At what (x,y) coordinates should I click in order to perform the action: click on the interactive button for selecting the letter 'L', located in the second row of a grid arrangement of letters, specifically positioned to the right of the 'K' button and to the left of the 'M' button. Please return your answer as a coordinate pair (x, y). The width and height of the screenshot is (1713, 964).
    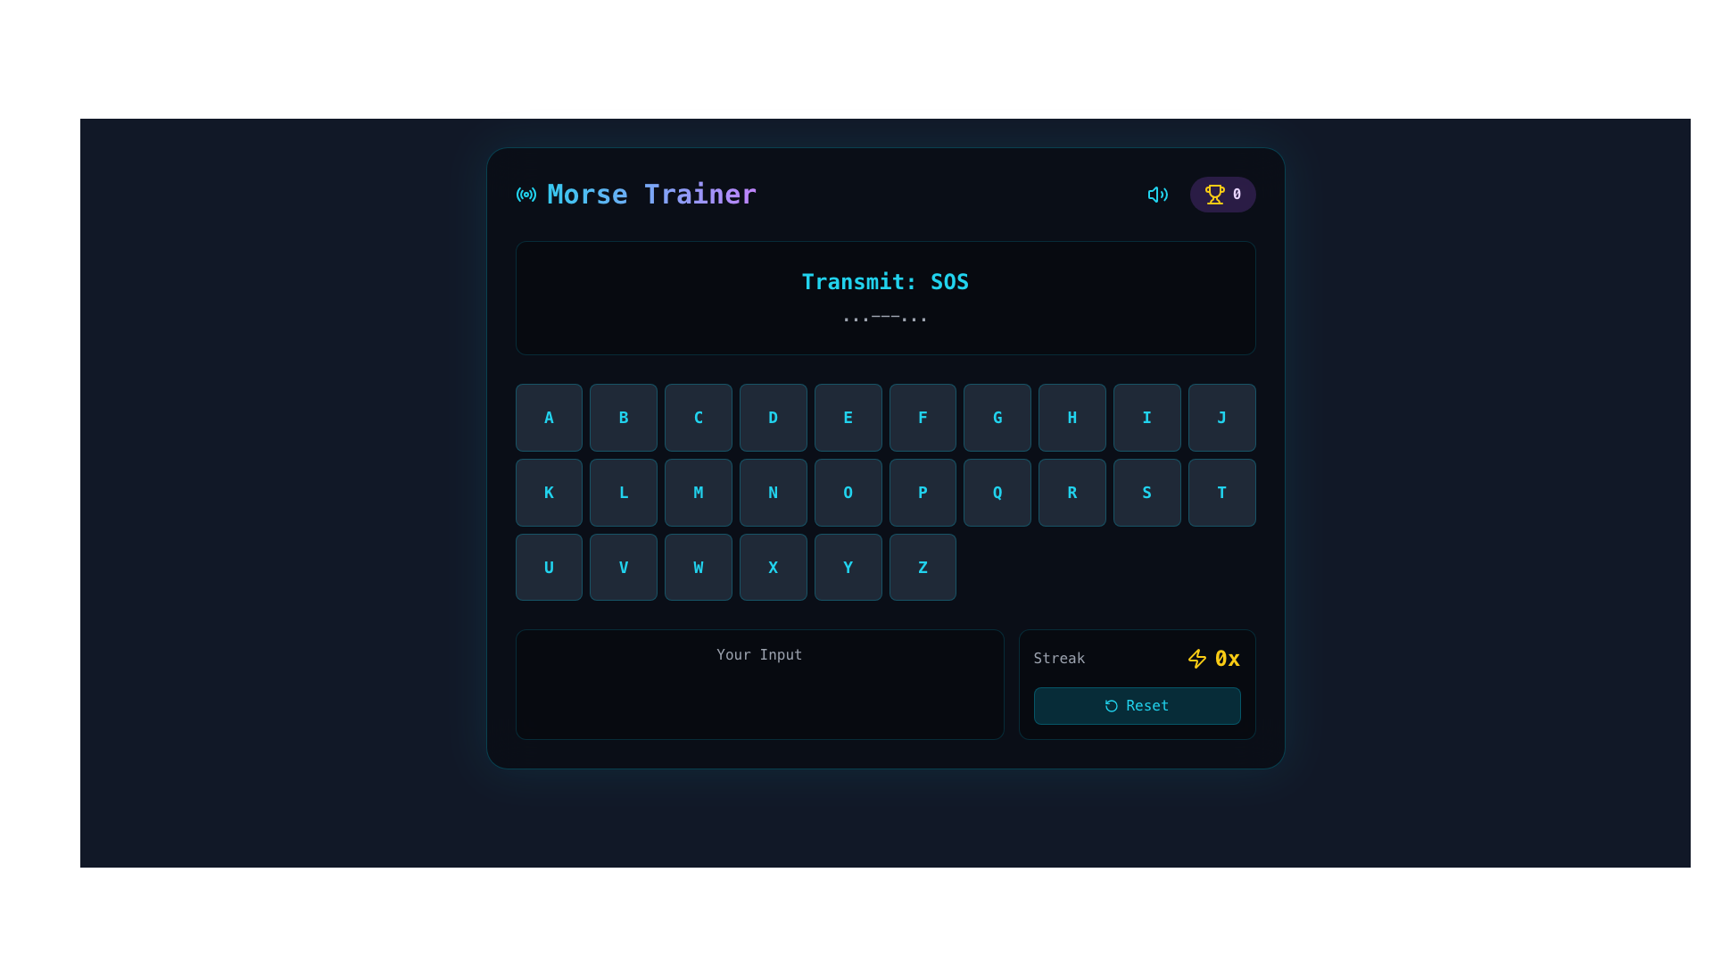
    Looking at the image, I should click on (624, 492).